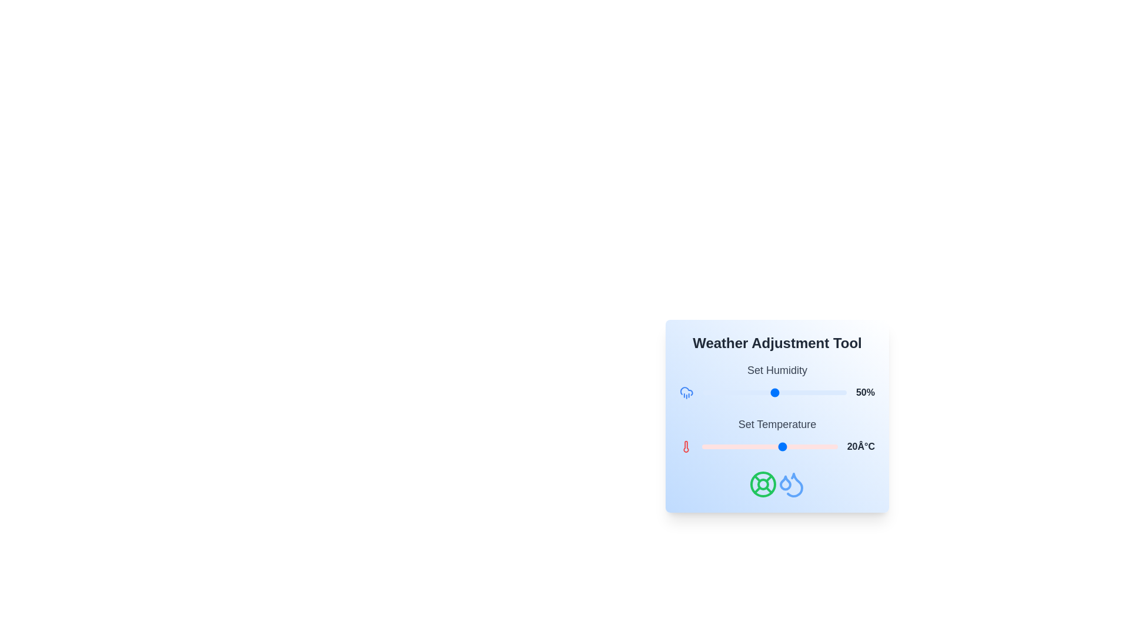 Image resolution: width=1129 pixels, height=635 pixels. Describe the element at coordinates (730, 392) in the screenshot. I see `the humidity slider to 19%` at that location.